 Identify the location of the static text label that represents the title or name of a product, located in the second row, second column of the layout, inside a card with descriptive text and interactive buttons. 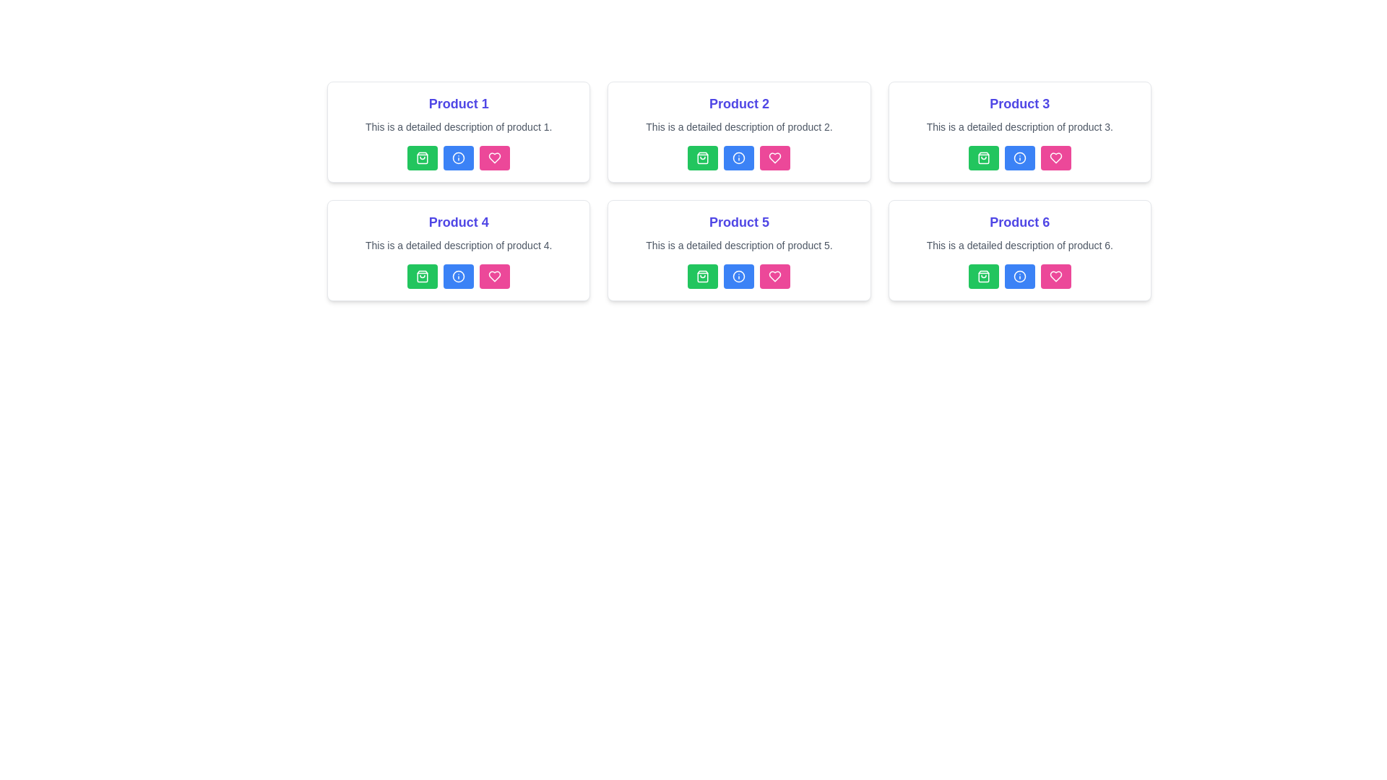
(739, 222).